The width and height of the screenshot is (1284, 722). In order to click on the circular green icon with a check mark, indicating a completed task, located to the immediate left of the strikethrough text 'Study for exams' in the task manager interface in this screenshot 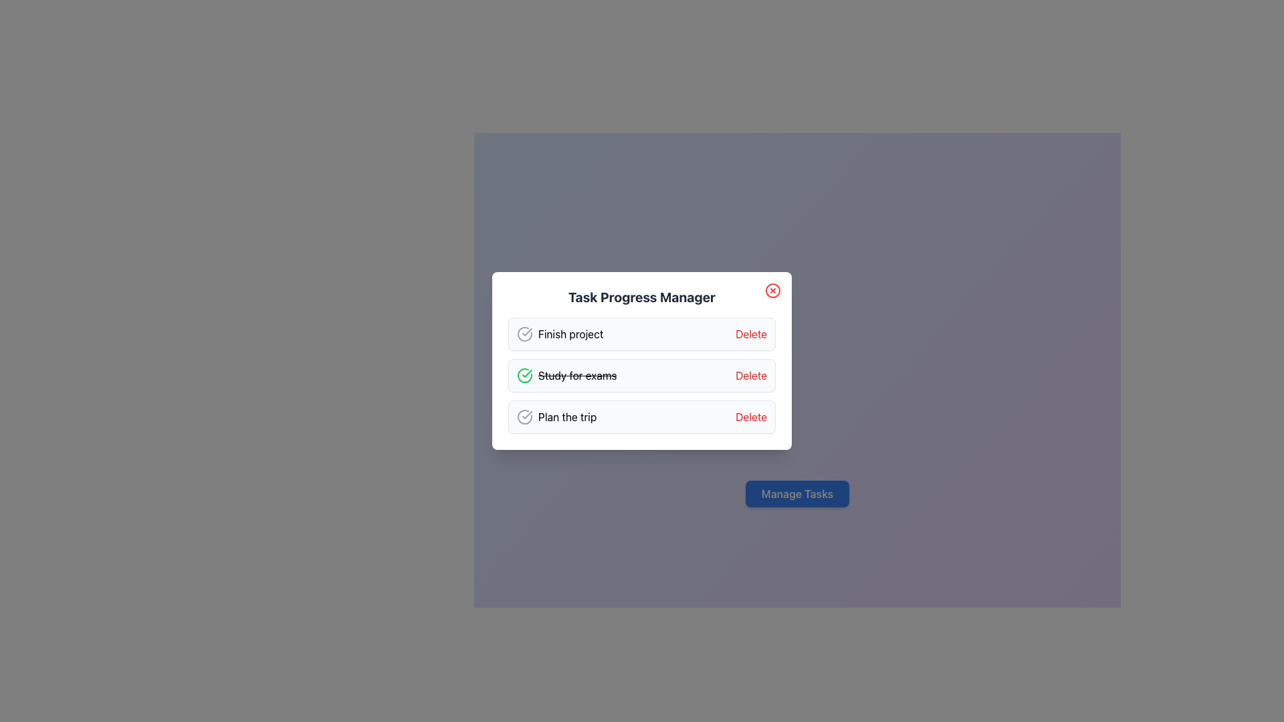, I will do `click(524, 376)`.